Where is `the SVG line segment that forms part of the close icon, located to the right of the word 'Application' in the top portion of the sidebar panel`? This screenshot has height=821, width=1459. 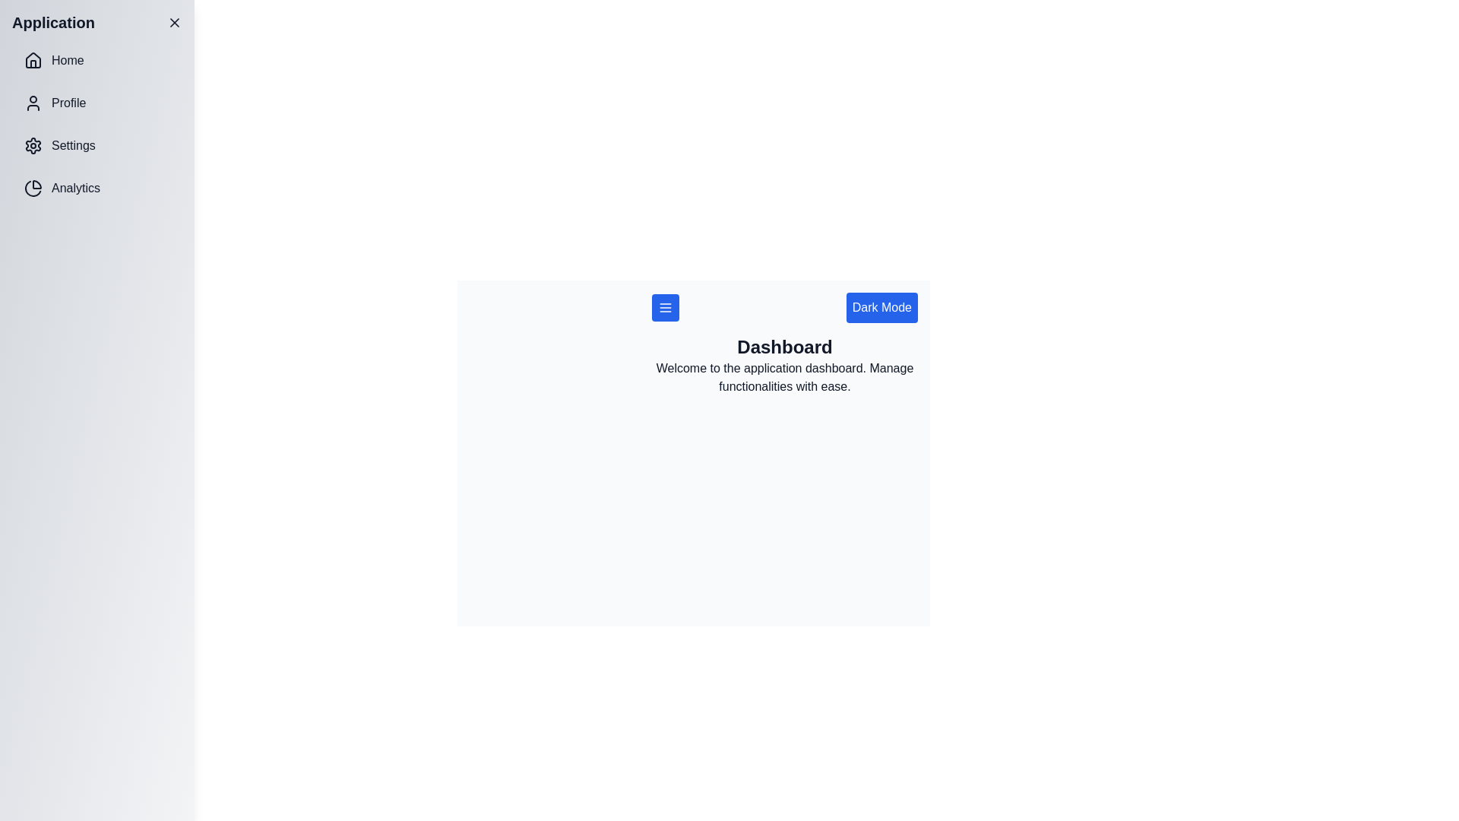 the SVG line segment that forms part of the close icon, located to the right of the word 'Application' in the top portion of the sidebar panel is located at coordinates (175, 23).